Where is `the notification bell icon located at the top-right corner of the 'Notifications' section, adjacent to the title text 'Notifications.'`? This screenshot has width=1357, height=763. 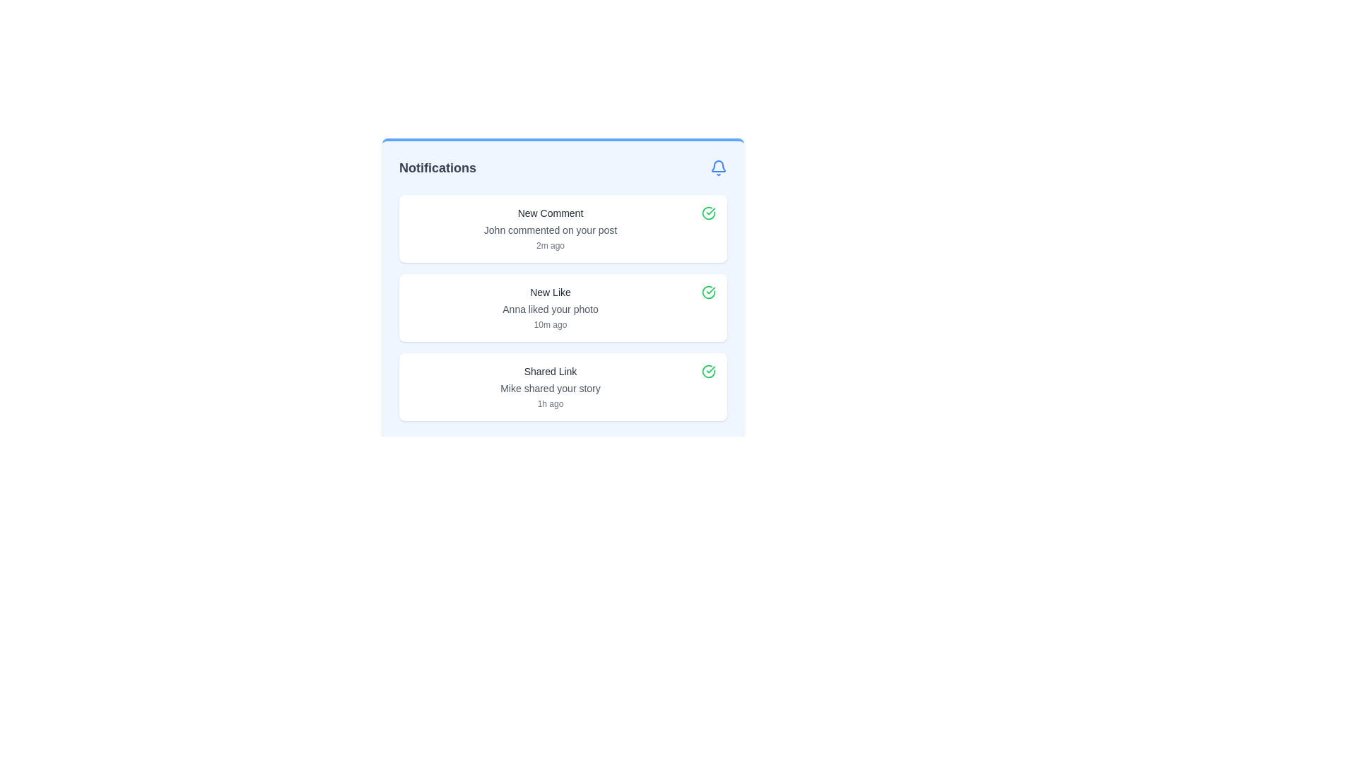 the notification bell icon located at the top-right corner of the 'Notifications' section, adjacent to the title text 'Notifications.' is located at coordinates (719, 167).